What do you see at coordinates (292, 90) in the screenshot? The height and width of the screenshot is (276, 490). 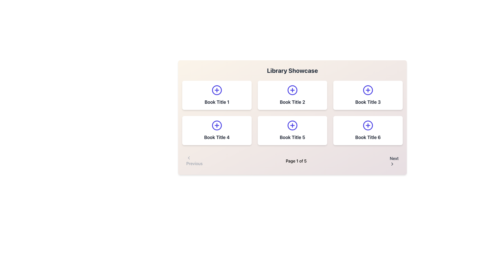 I see `the circular interactive icon with a '+' symbol located in the second card labeled 'Book Title 2' under the 'Library Showcase' heading` at bounding box center [292, 90].